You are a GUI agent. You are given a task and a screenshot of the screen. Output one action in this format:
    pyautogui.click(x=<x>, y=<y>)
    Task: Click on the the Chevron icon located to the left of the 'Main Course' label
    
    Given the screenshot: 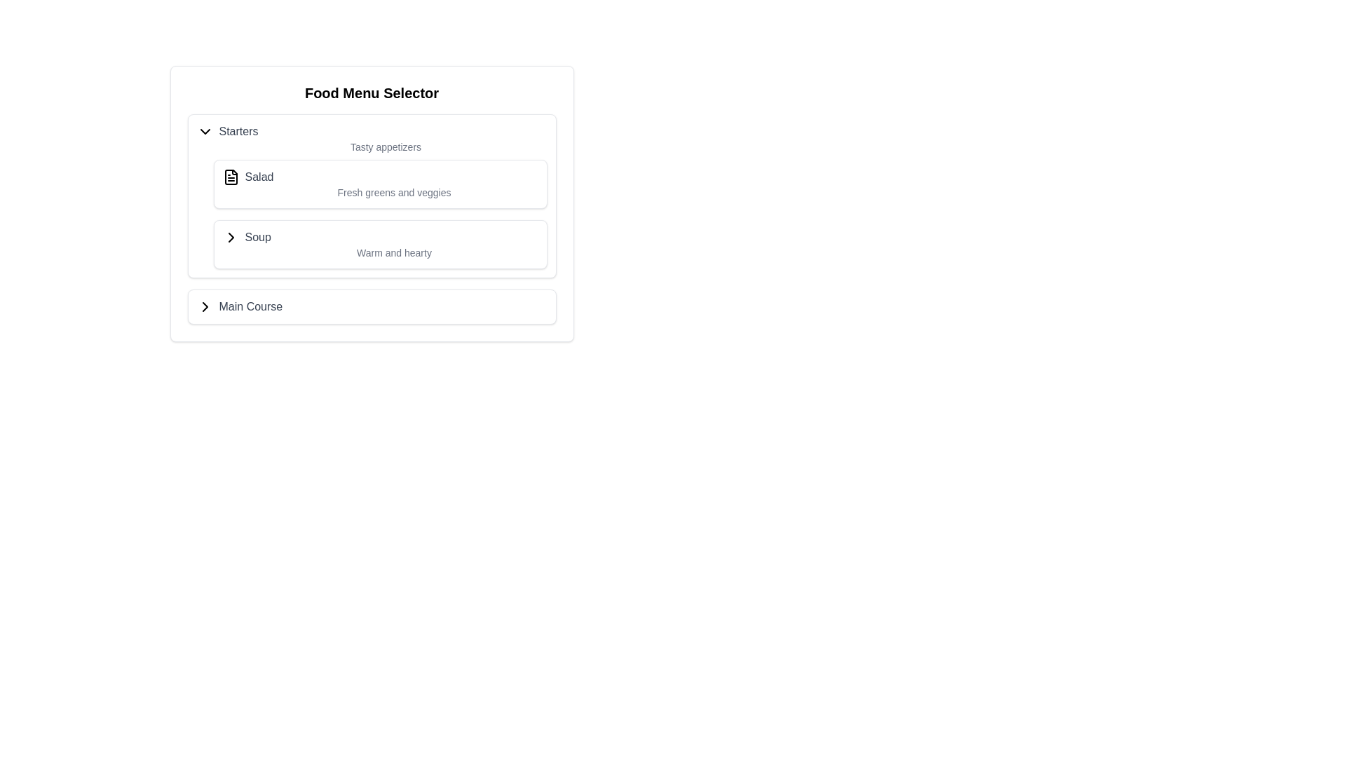 What is the action you would take?
    pyautogui.click(x=204, y=306)
    